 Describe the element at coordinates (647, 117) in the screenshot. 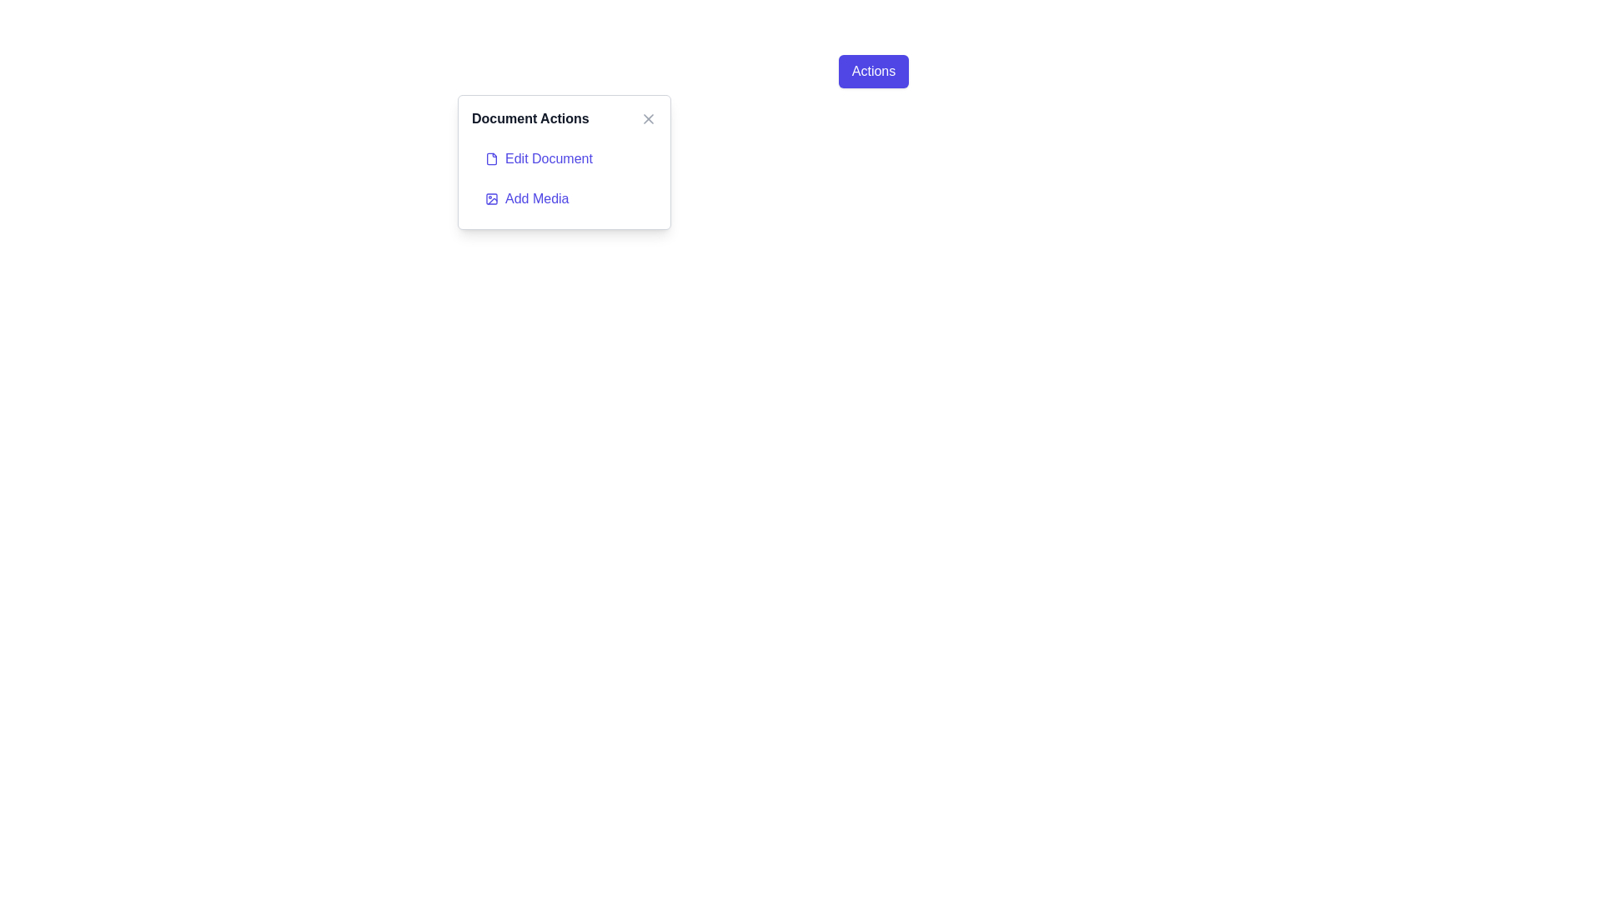

I see `the small 'X' button located at the top-right corner of the 'Document Actions' section` at that location.